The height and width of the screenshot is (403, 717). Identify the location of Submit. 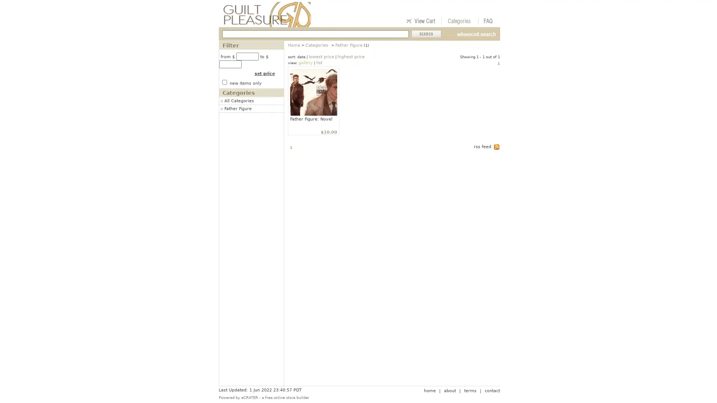
(426, 34).